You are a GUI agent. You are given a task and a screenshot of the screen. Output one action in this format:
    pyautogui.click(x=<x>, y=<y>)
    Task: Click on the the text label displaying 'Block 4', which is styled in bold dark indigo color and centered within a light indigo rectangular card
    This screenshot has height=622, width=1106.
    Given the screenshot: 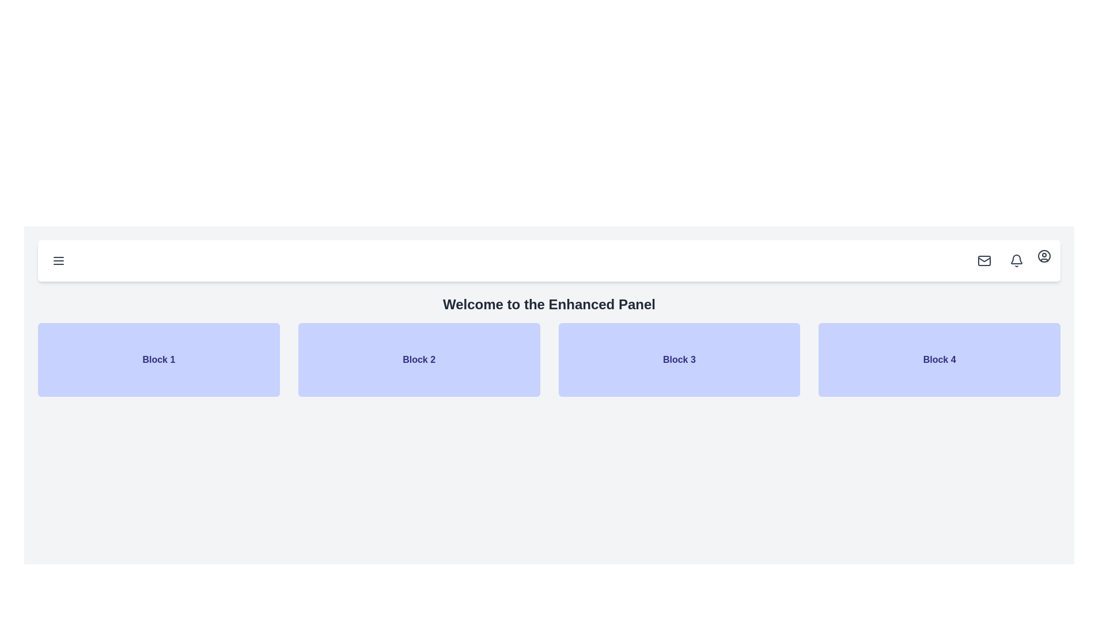 What is the action you would take?
    pyautogui.click(x=940, y=359)
    